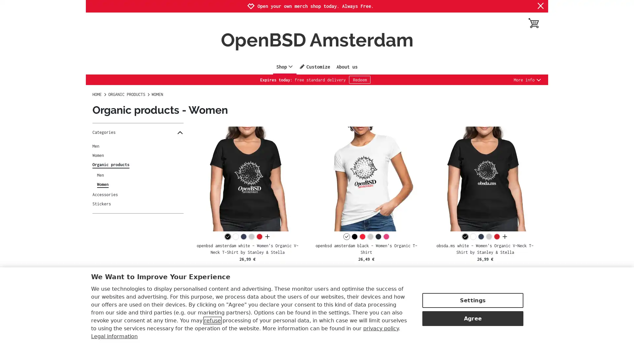 The width and height of the screenshot is (634, 356). I want to click on Settings, so click(472, 300).